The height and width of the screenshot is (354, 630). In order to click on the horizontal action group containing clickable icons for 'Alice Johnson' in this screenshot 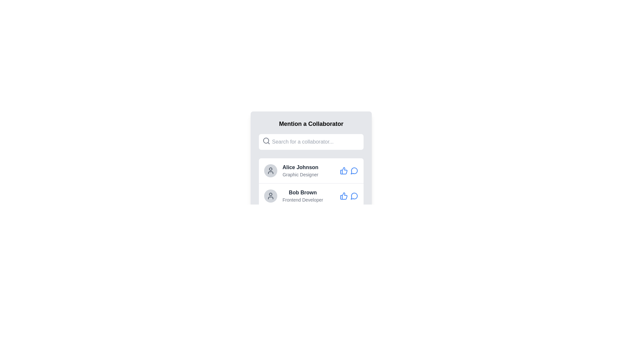, I will do `click(349, 170)`.